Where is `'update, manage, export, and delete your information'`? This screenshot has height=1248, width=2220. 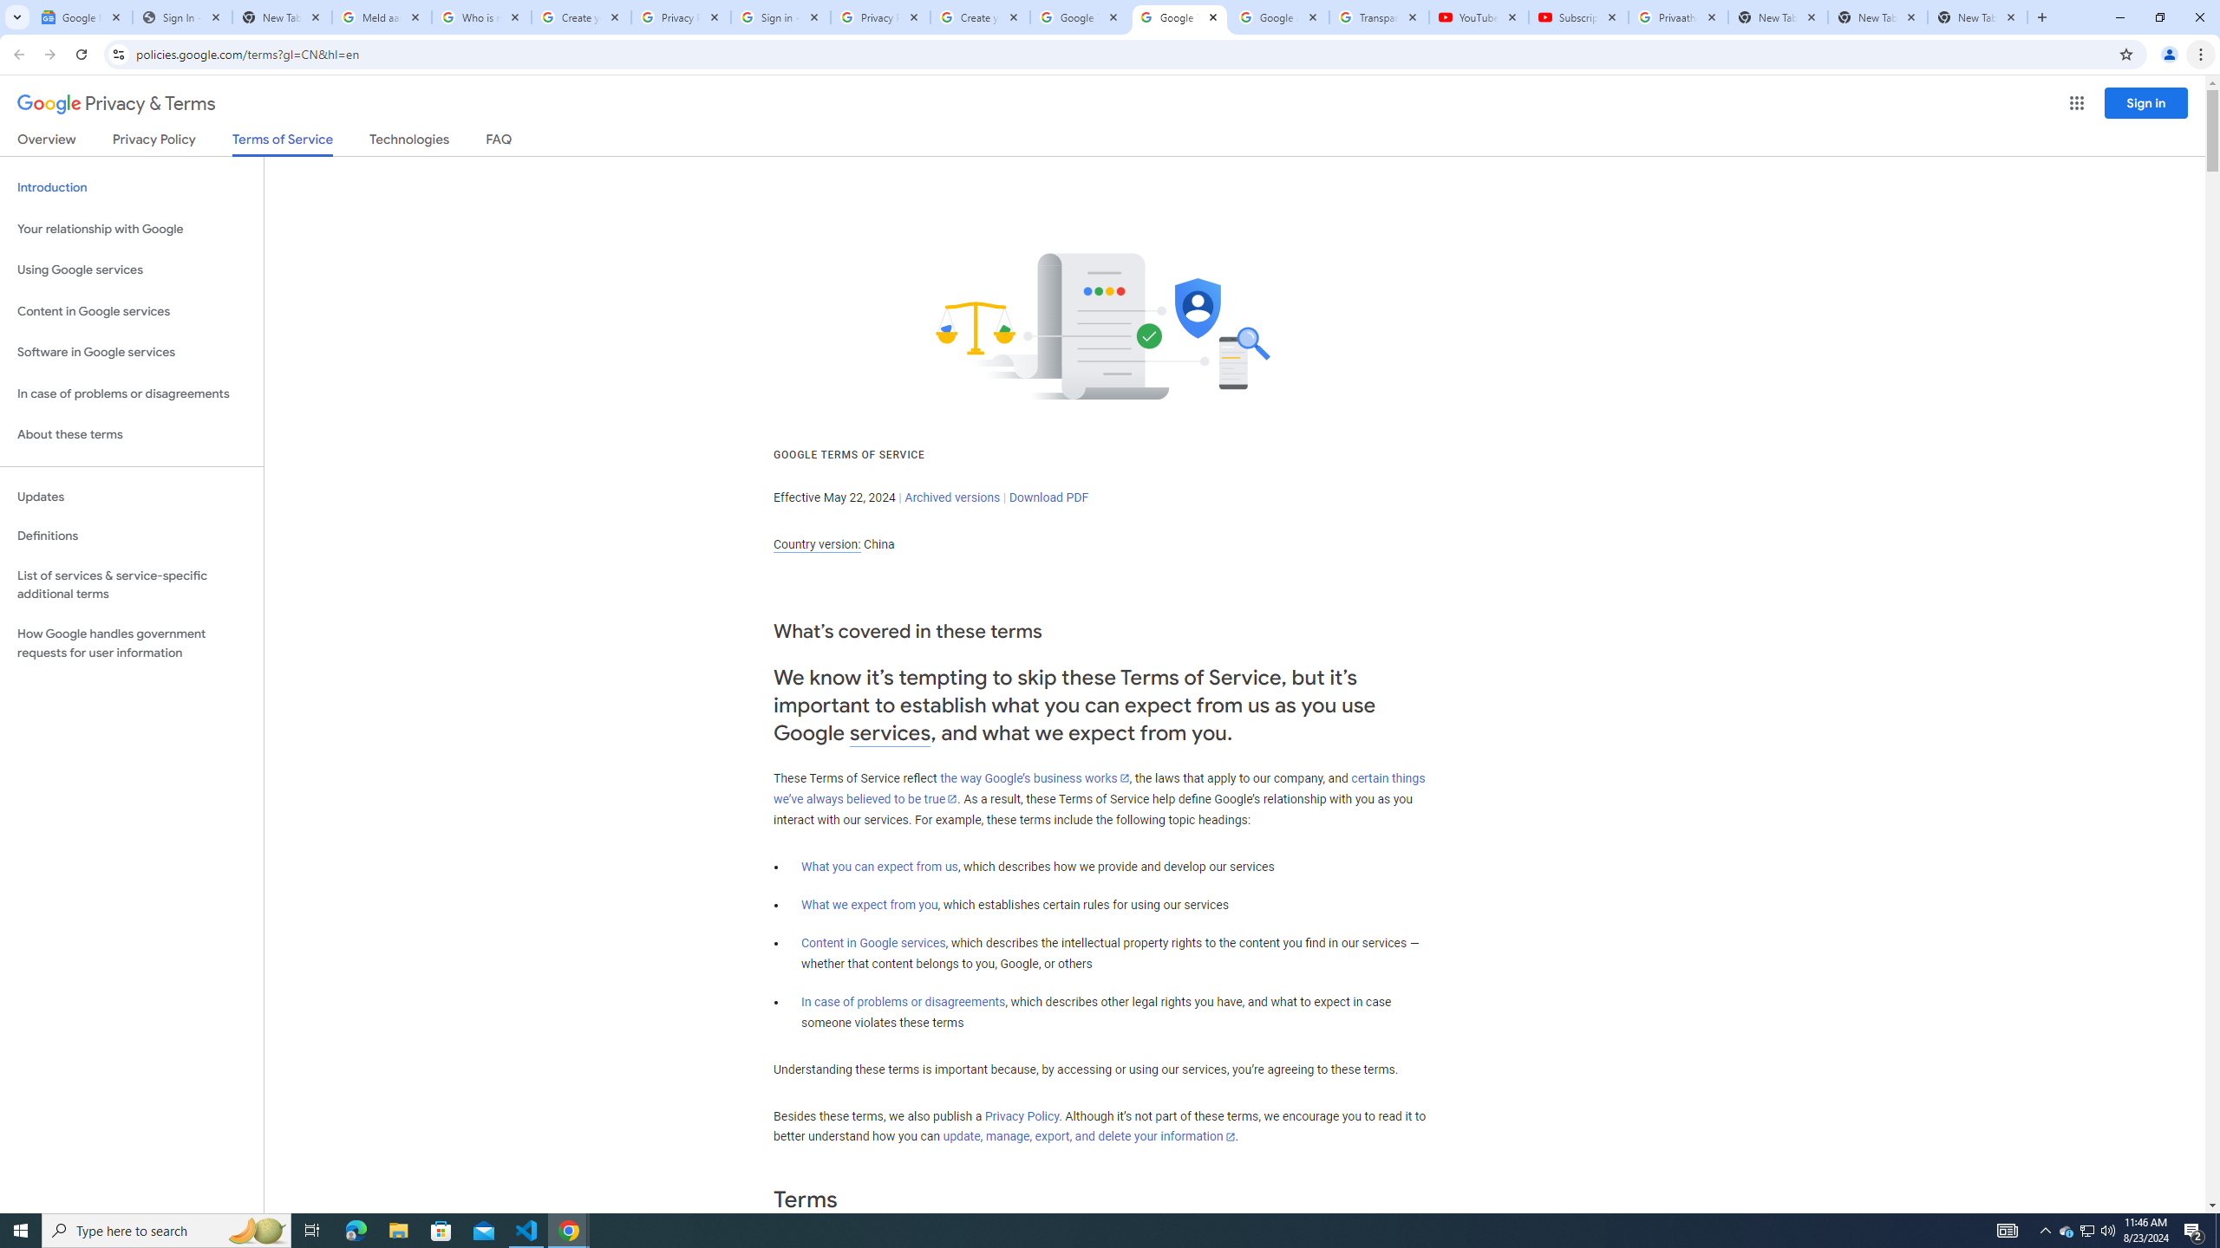 'update, manage, export, and delete your information' is located at coordinates (1088, 1135).